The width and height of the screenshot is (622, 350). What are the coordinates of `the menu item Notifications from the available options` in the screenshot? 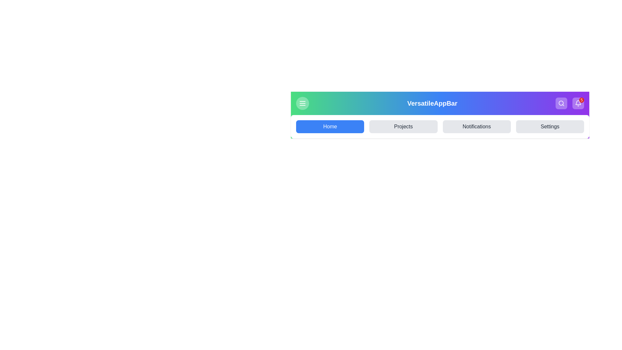 It's located at (477, 126).